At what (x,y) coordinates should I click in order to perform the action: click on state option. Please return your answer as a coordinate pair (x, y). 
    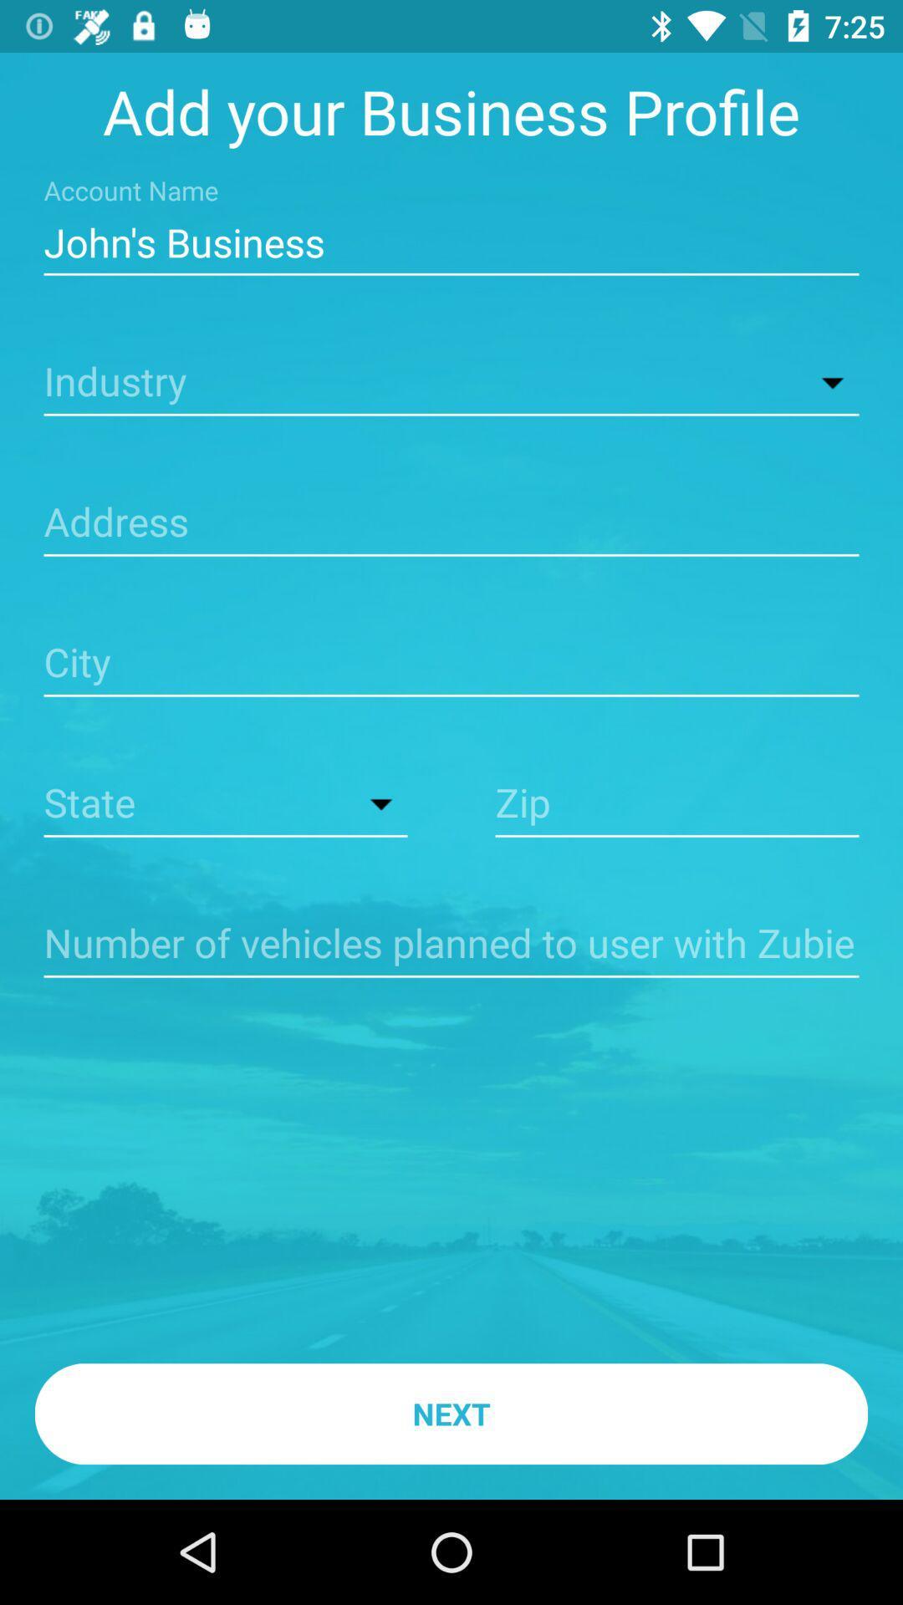
    Looking at the image, I should click on (226, 805).